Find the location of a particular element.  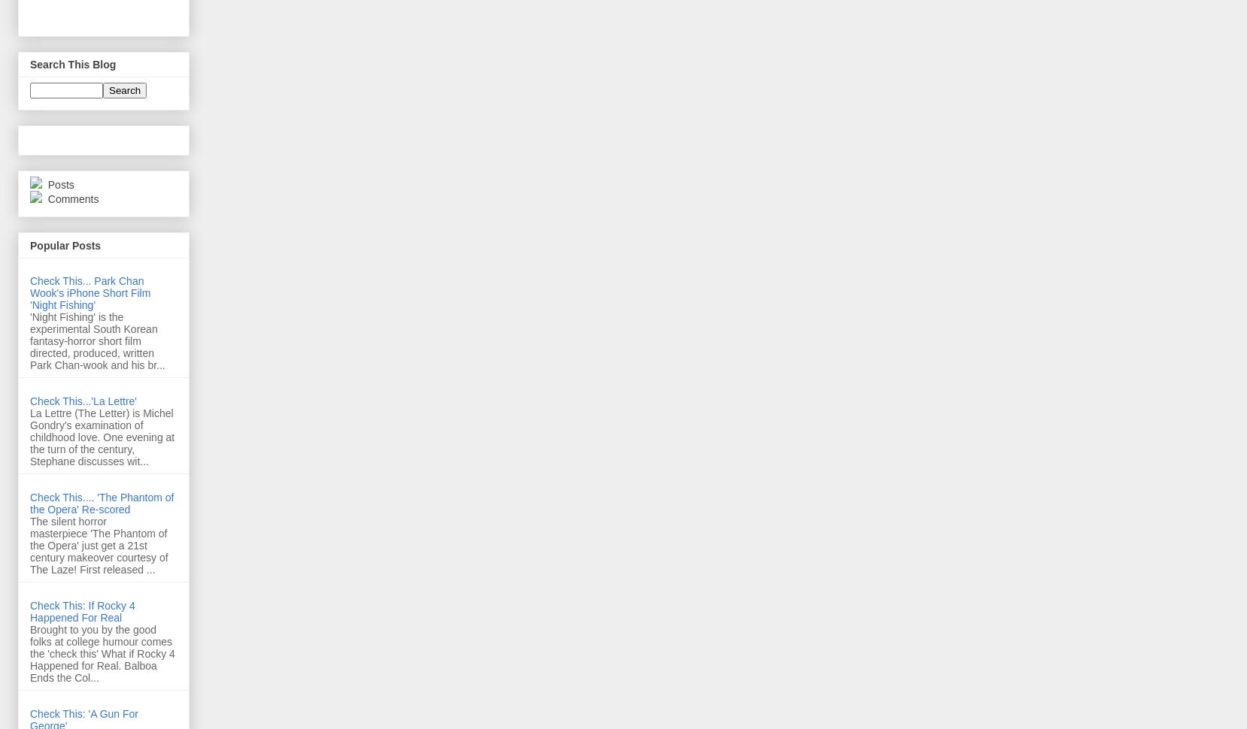

'Comments' is located at coordinates (71, 198).